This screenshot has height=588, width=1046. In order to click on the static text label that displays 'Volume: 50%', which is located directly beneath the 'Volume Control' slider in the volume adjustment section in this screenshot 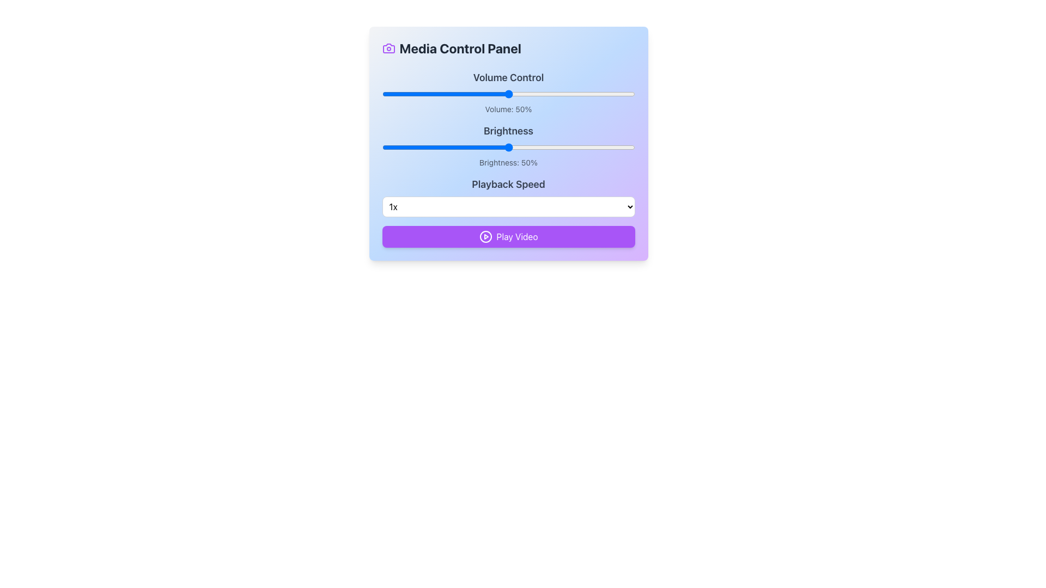, I will do `click(508, 109)`.